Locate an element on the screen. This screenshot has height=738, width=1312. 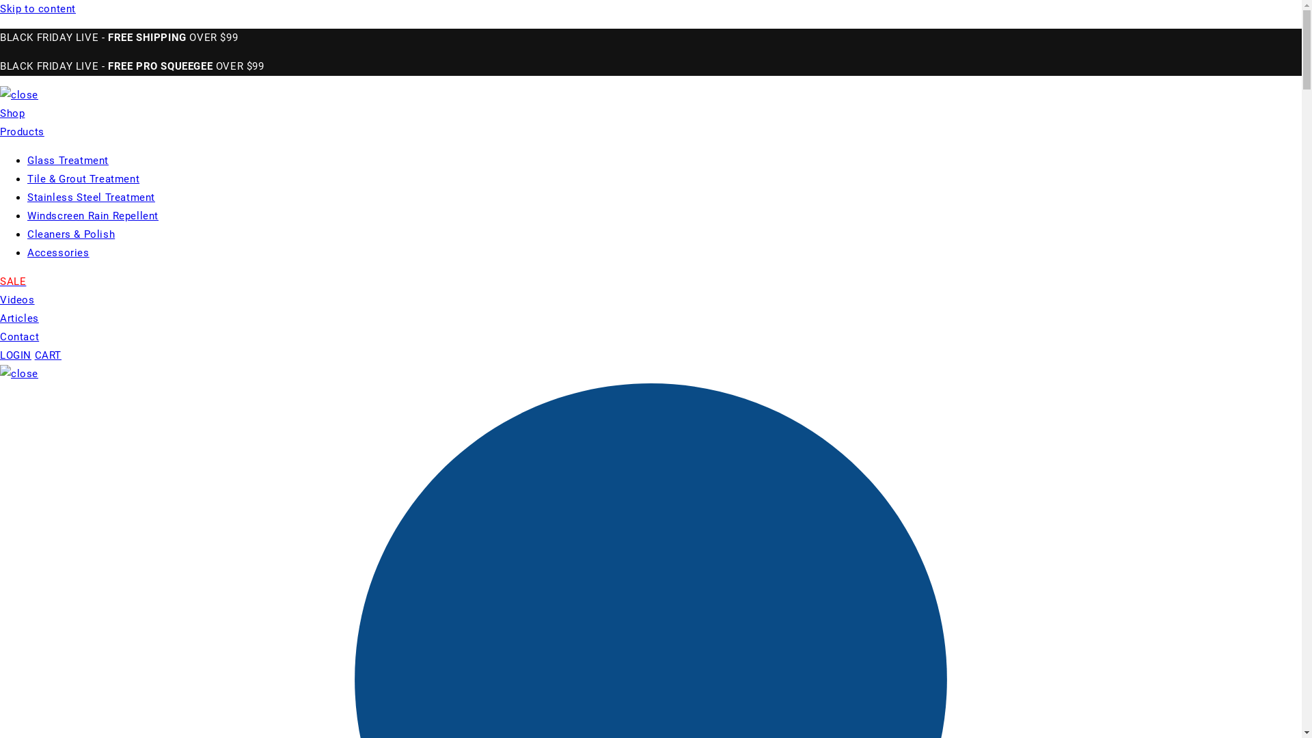
'Accessories' is located at coordinates (57, 253).